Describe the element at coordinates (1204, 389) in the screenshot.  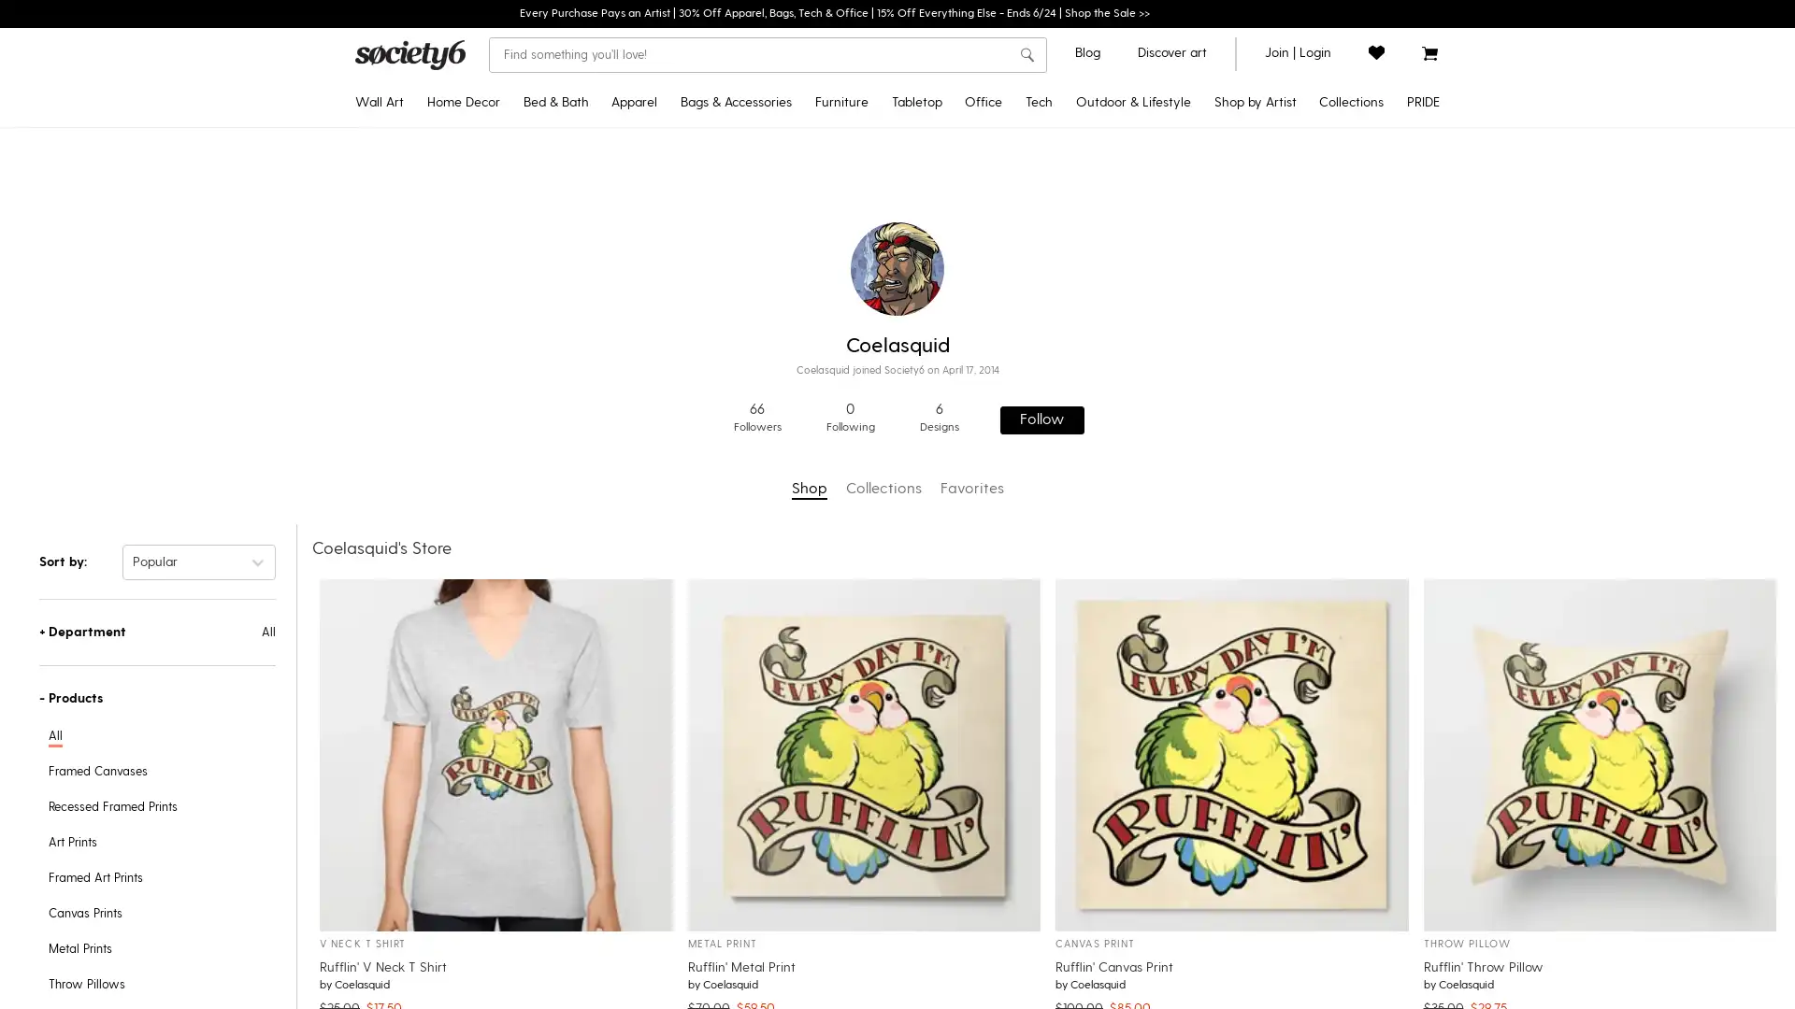
I see `Artist Holiday Series` at that location.